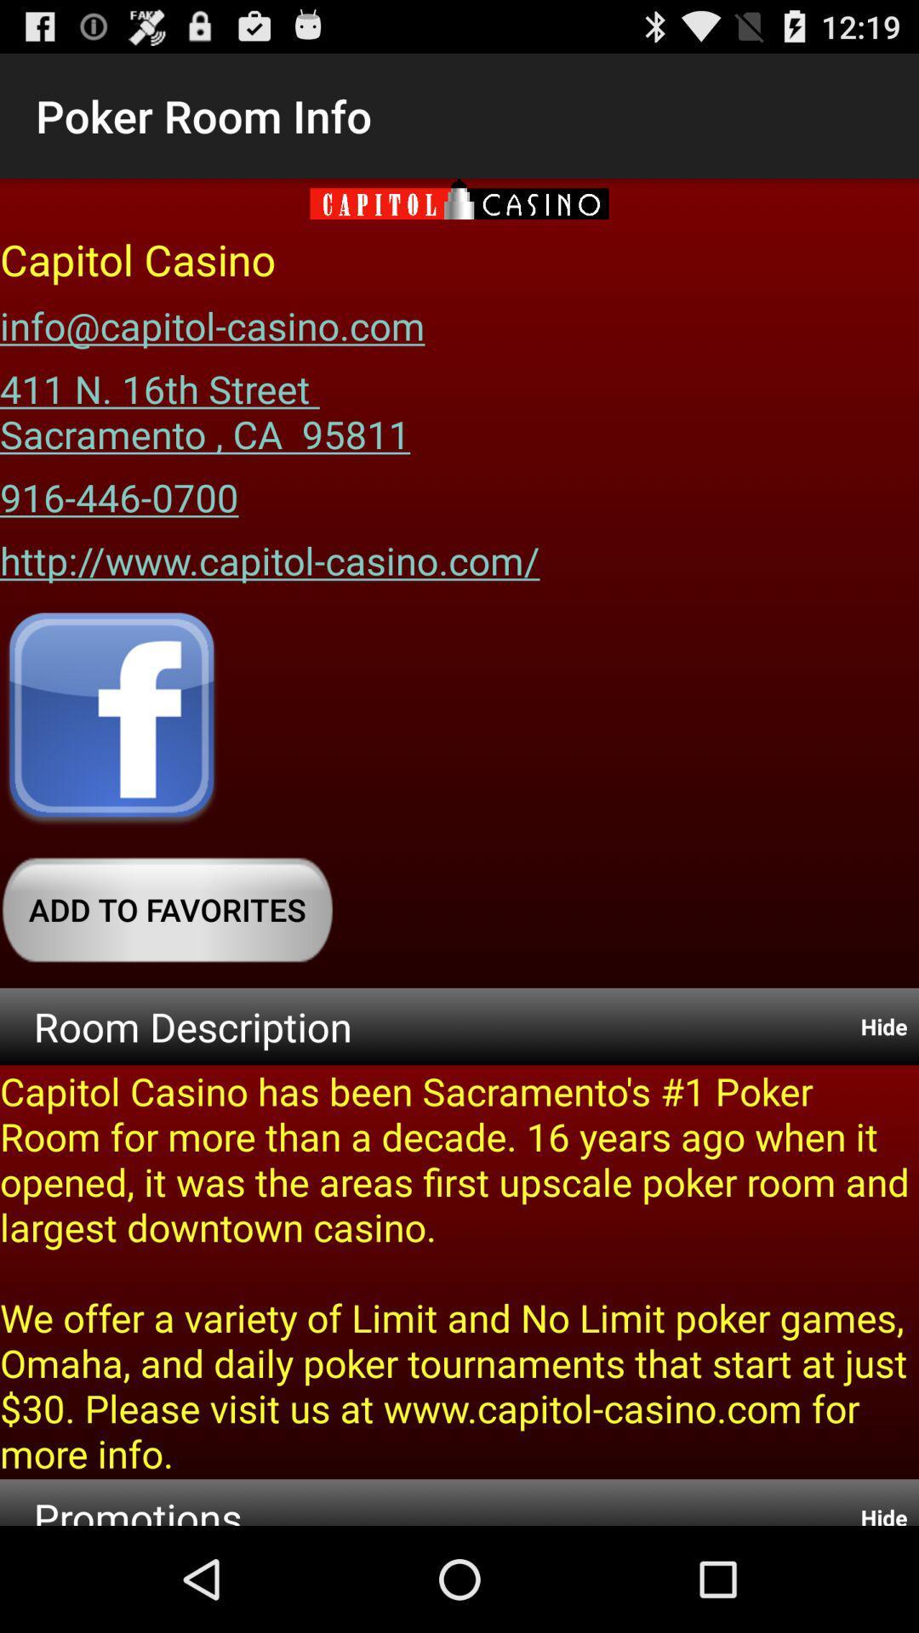 The height and width of the screenshot is (1633, 919). I want to click on item above the room description item, so click(167, 908).